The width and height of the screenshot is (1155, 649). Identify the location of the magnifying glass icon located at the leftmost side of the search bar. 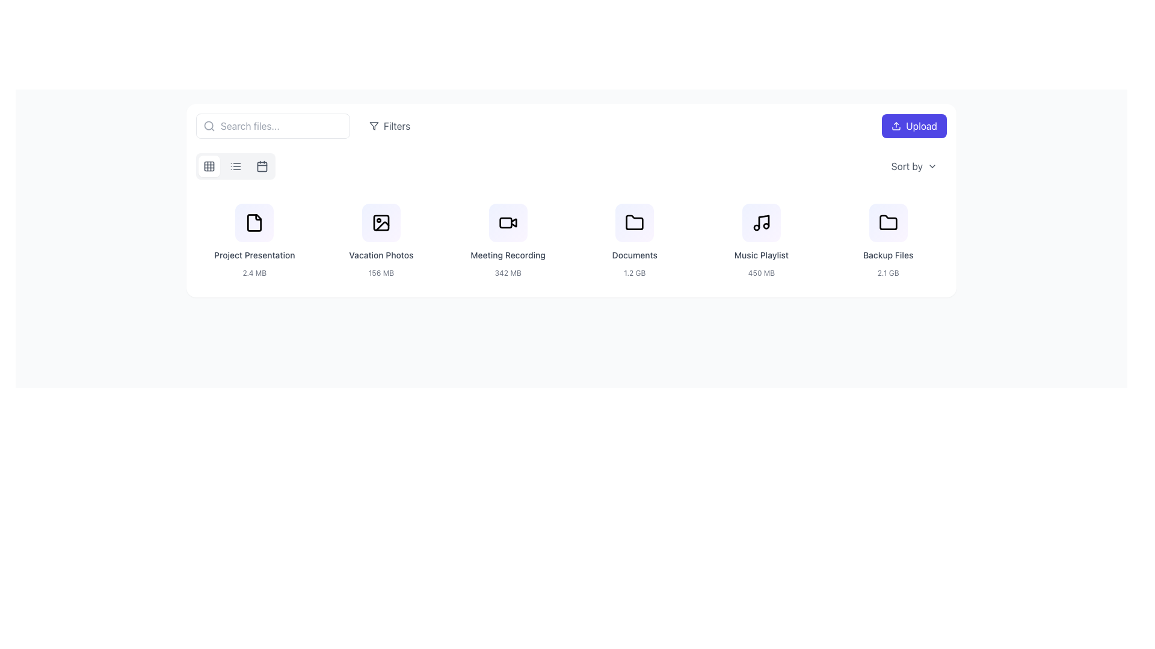
(209, 126).